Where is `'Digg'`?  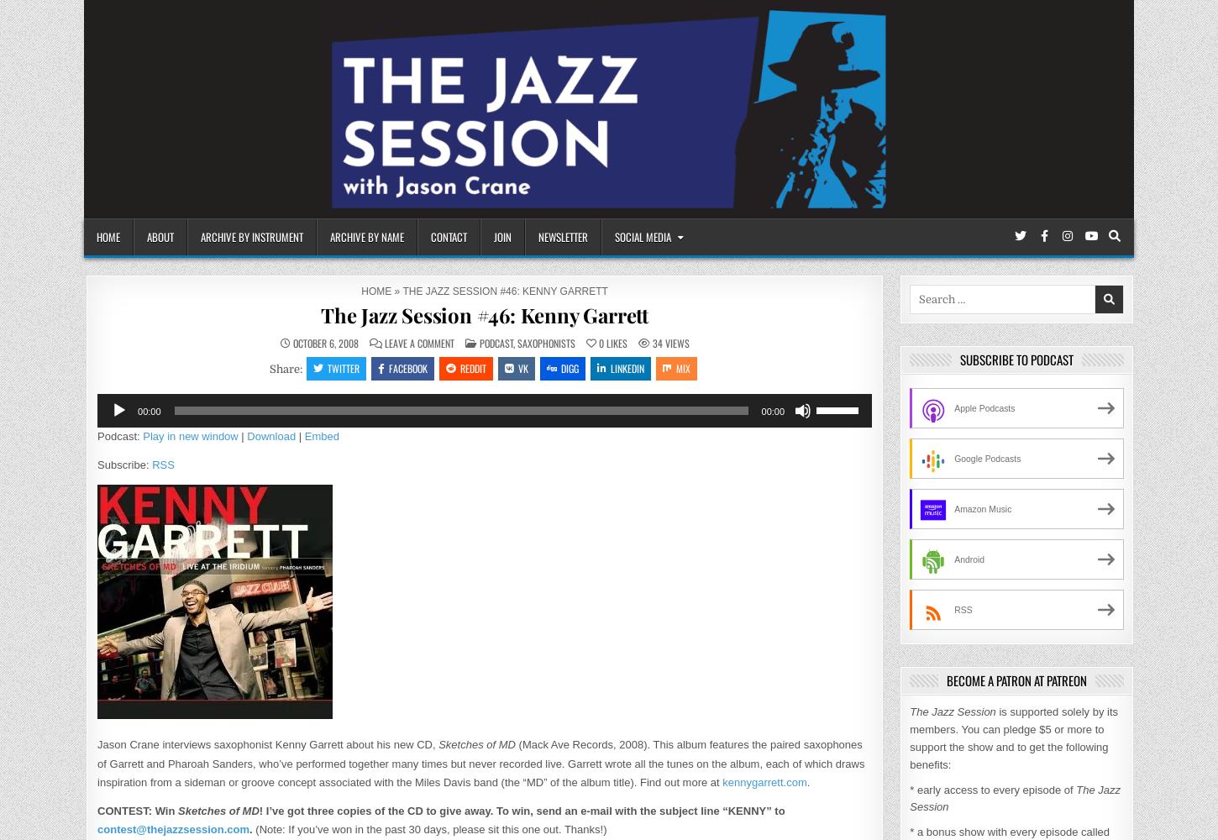
'Digg' is located at coordinates (568, 368).